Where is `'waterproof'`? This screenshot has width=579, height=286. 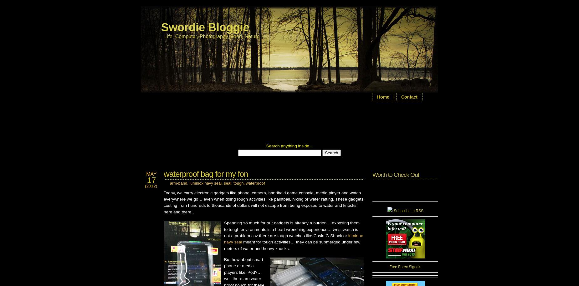
'waterproof' is located at coordinates (255, 183).